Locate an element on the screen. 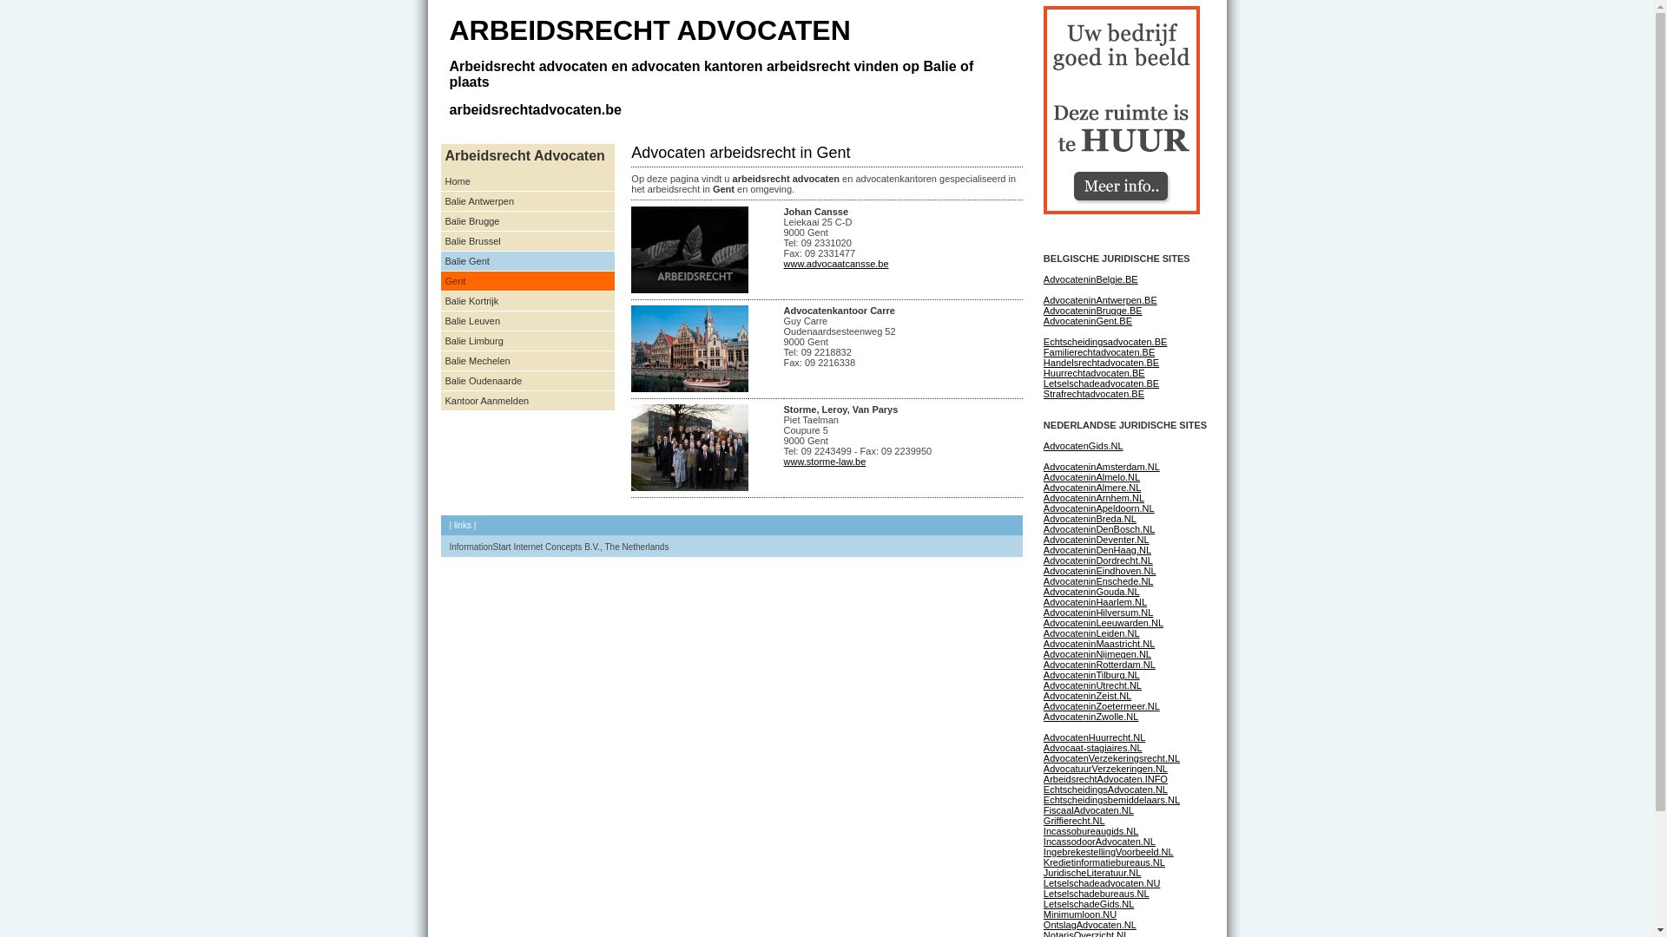 The height and width of the screenshot is (937, 1667). 'Kredietinformatiebureaus.NL' is located at coordinates (1104, 862).